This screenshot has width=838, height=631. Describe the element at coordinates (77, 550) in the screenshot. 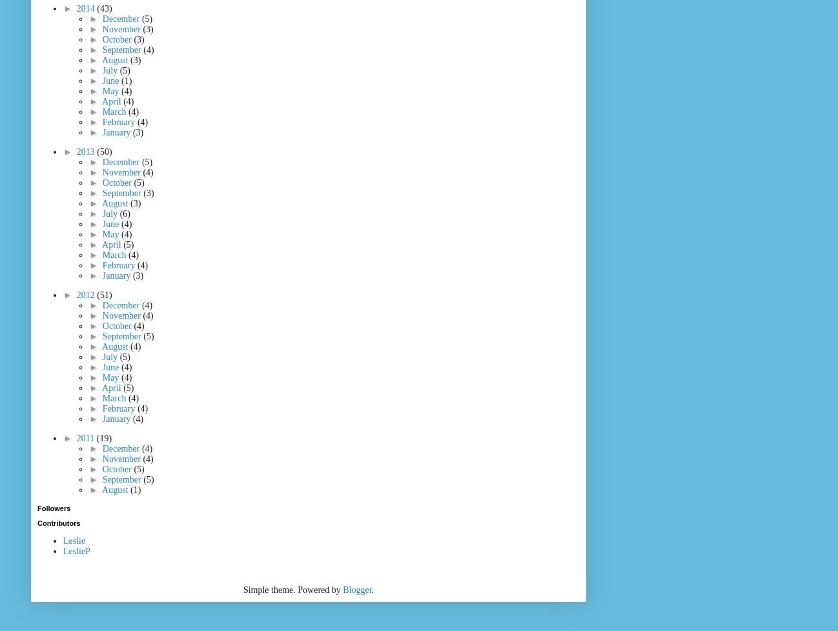

I see `'LeslieP'` at that location.